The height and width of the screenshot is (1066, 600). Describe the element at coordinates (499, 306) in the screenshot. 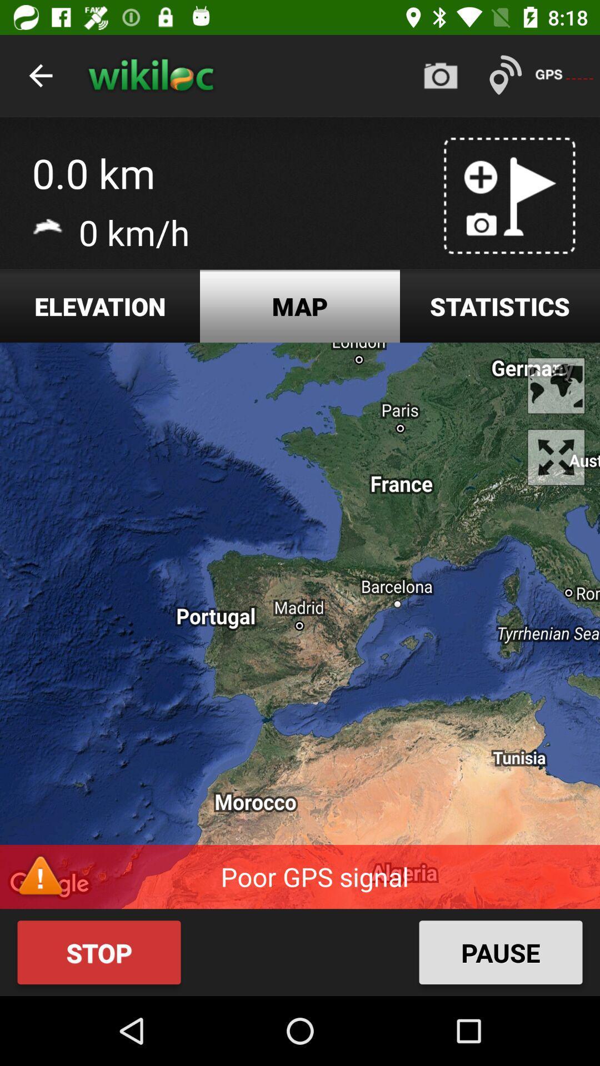

I see `statistics` at that location.